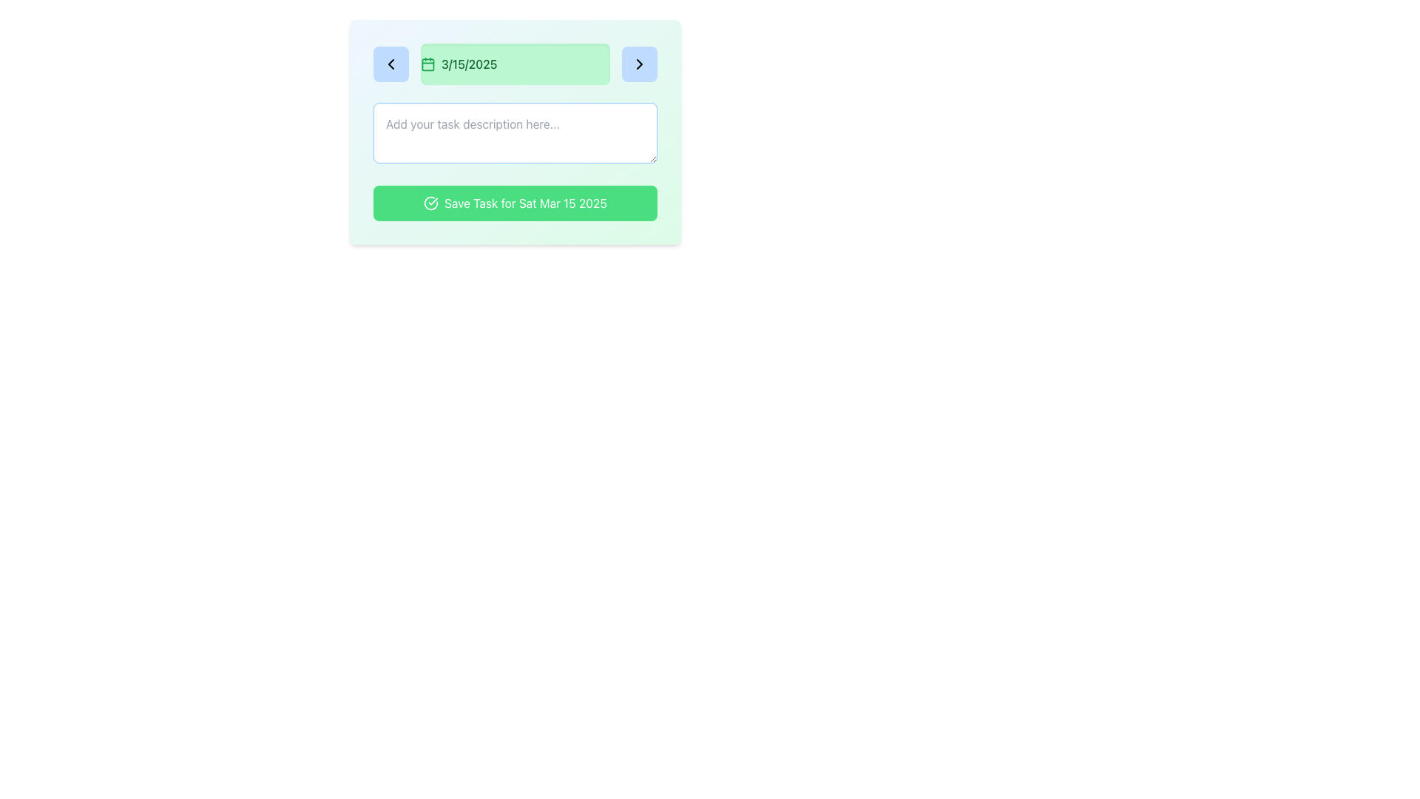 This screenshot has height=799, width=1420. I want to click on the navigation button with an arrow icon located near the top-left of the interface, so click(390, 64).